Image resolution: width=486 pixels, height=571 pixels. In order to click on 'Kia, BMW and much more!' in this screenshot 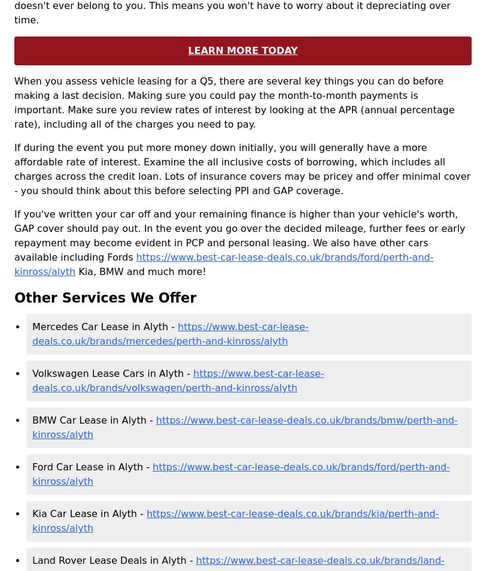, I will do `click(139, 270)`.